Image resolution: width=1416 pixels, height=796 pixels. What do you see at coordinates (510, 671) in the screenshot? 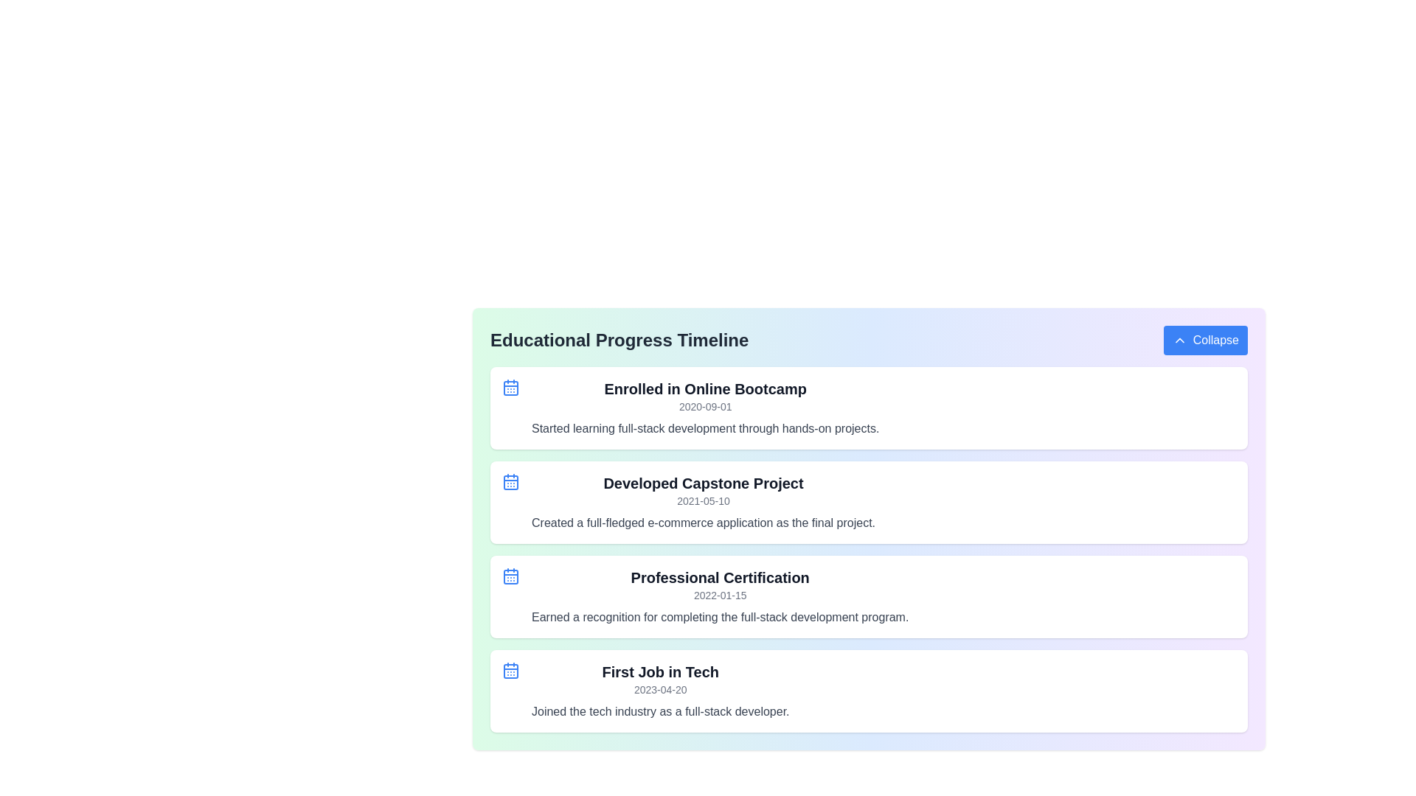
I see `the calendar icon located on the left side of the fourth card in the event timeline, which is represented by a blue icon with rounded corners` at bounding box center [510, 671].